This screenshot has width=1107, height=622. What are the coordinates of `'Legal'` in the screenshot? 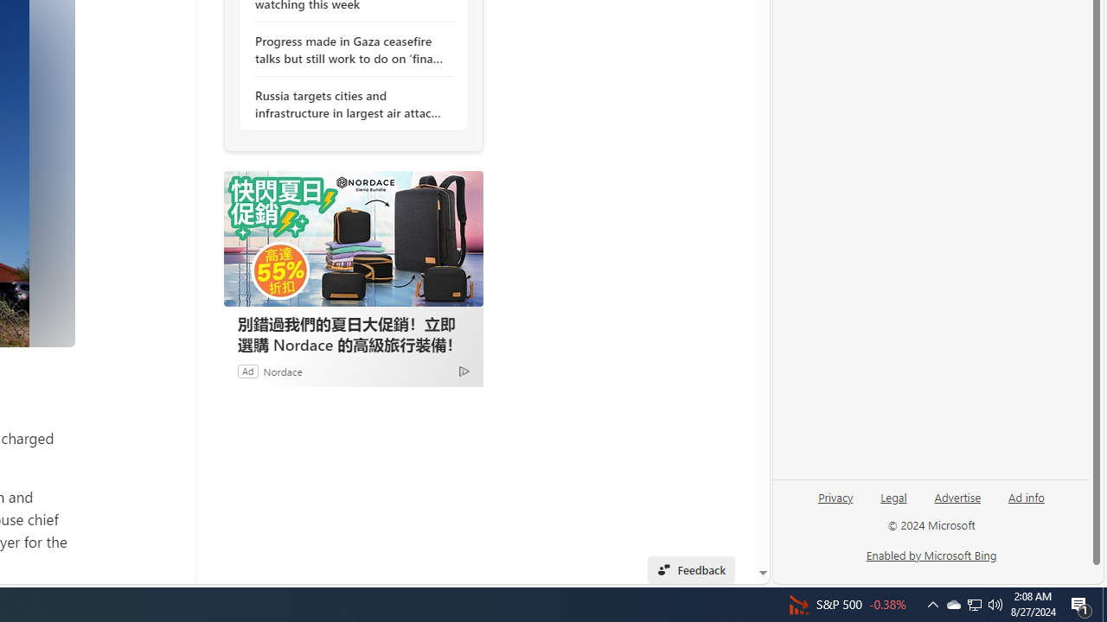 It's located at (893, 496).